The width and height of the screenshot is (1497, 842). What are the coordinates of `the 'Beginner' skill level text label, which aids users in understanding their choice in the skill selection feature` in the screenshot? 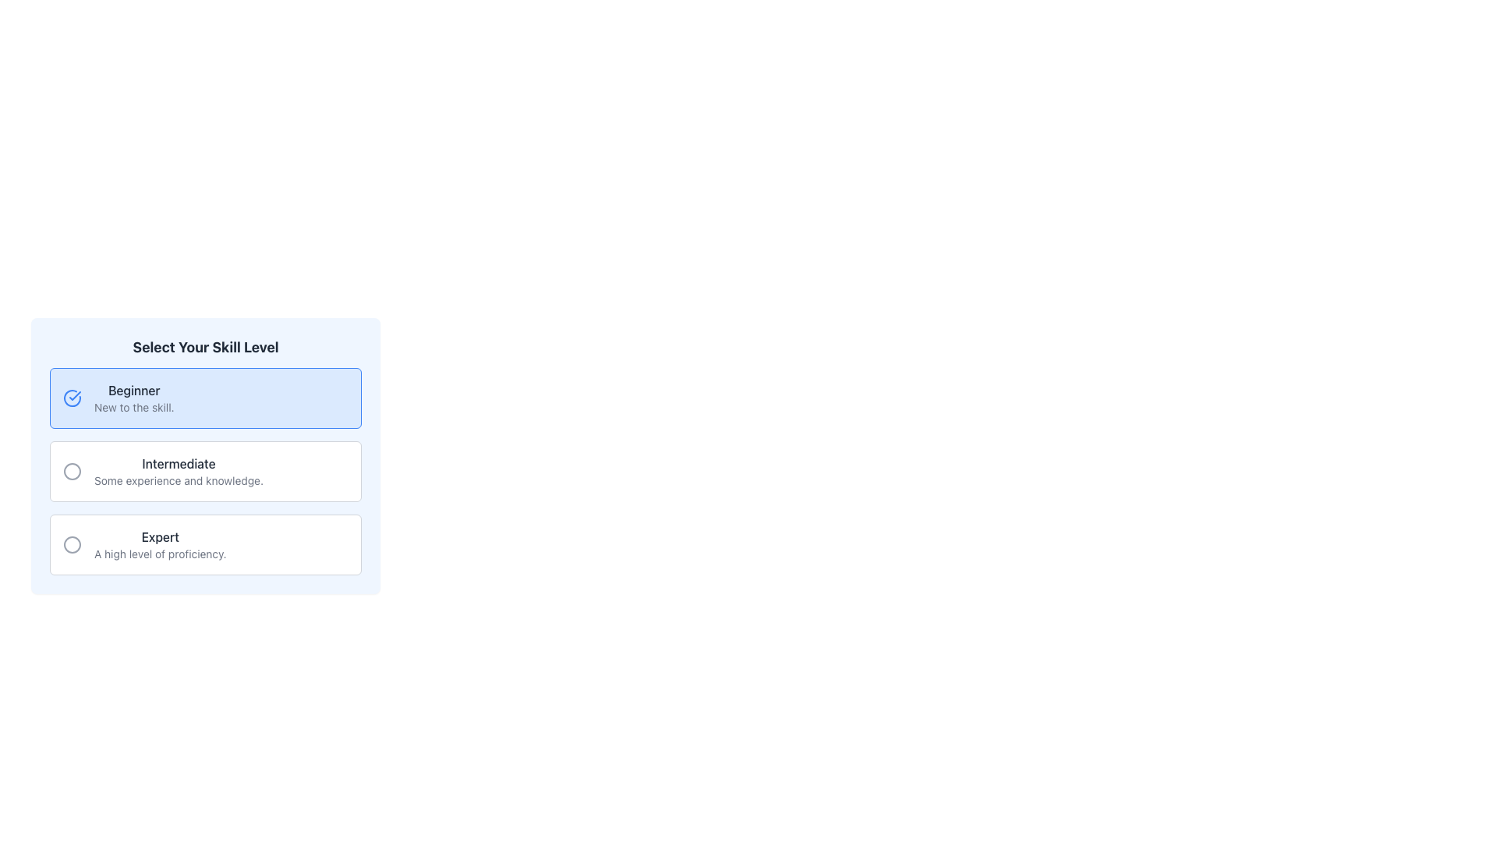 It's located at (134, 390).